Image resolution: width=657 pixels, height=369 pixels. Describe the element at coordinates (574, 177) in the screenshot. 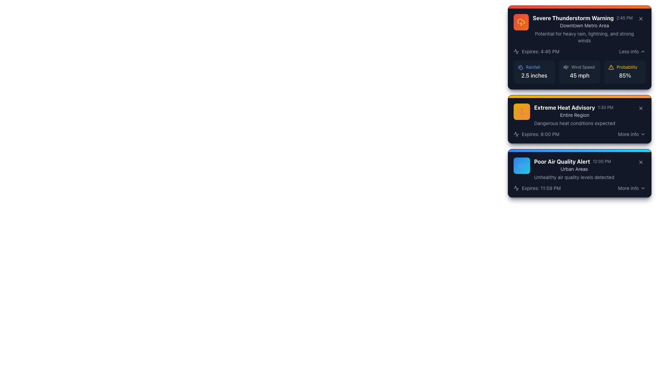

I see `warning text displayed in the text label of the 'Poor Air Quality Alert' notification card, which provides information about air quality severity` at that location.